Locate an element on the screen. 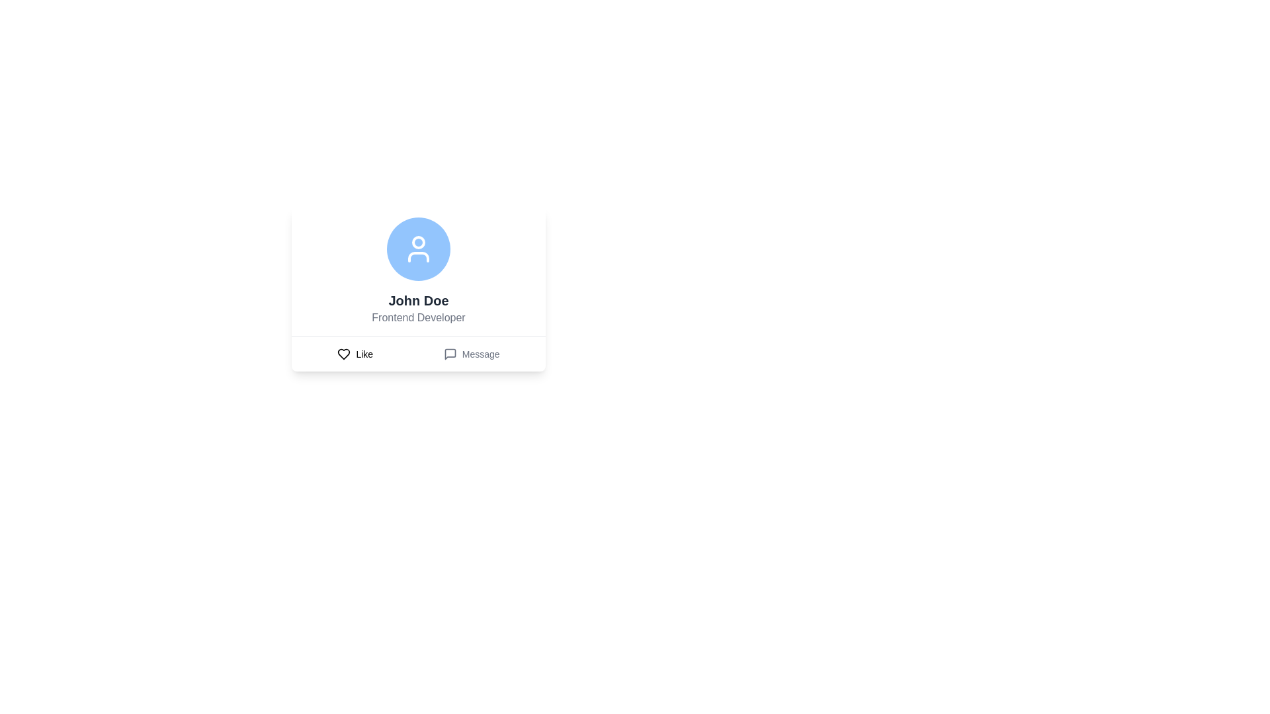 The width and height of the screenshot is (1270, 714). the user profile avatar icon located at the top section of the card, above the 'John Doe' title is located at coordinates (418, 249).